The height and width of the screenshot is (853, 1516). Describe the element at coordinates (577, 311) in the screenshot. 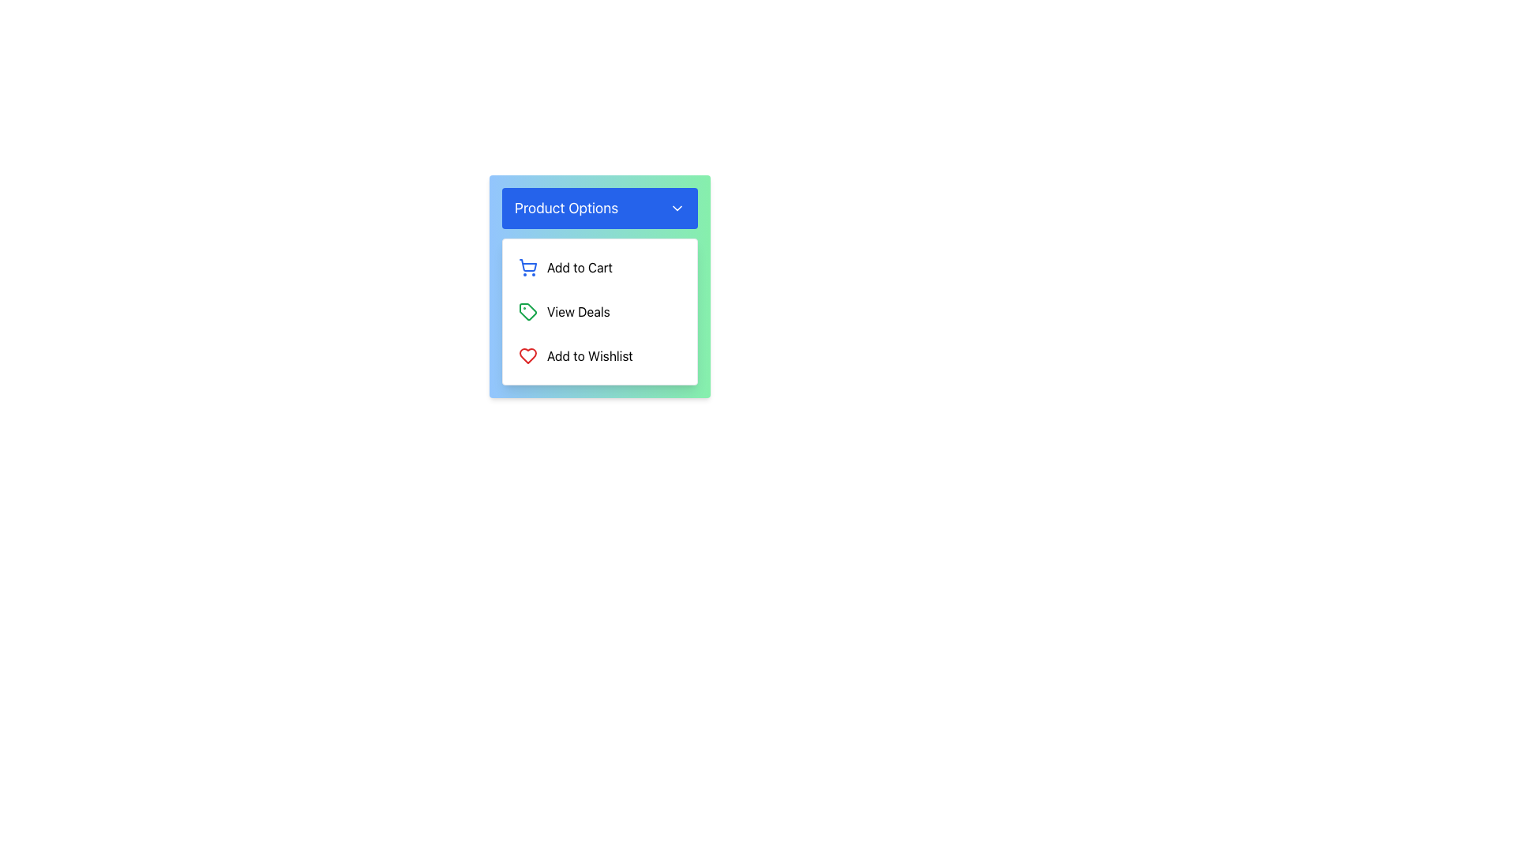

I see `the text label that displays available deals or discounts, which is the second option in a vertical list located between 'Add to Cart' and 'Add to Wishlist'` at that location.